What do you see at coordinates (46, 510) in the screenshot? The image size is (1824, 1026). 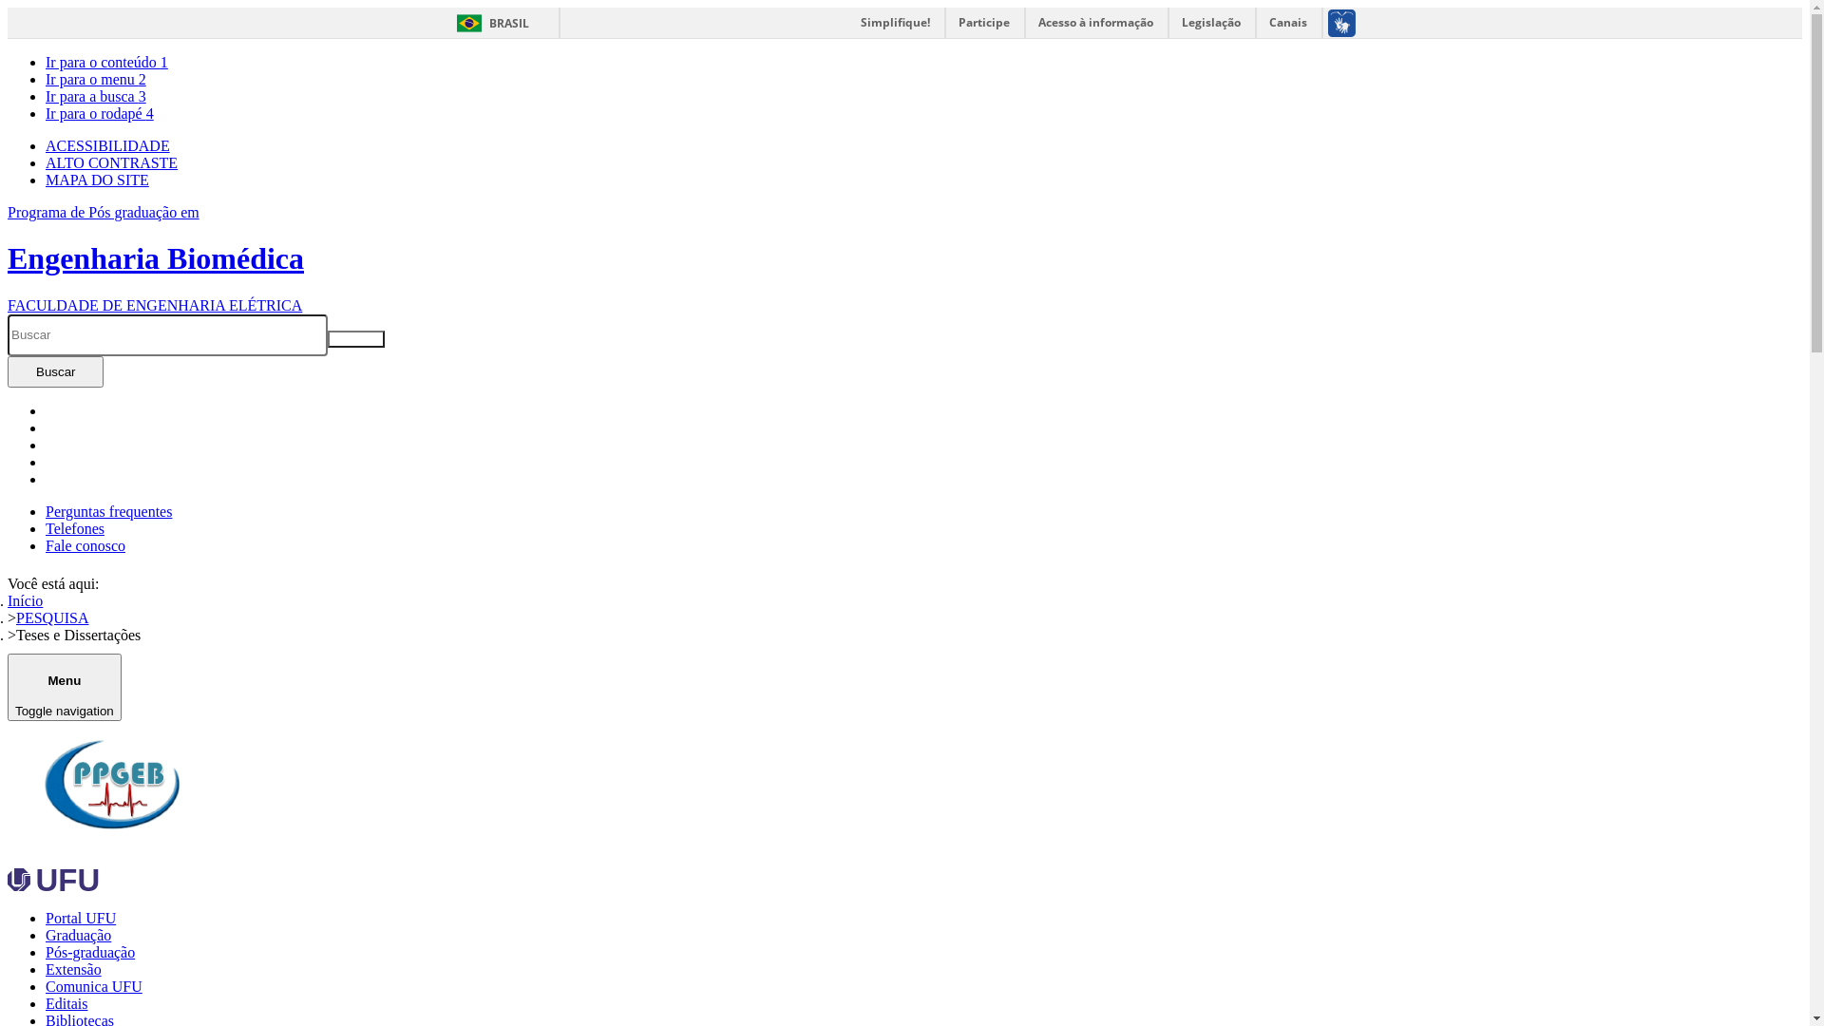 I see `'Perguntas frequentes'` at bounding box center [46, 510].